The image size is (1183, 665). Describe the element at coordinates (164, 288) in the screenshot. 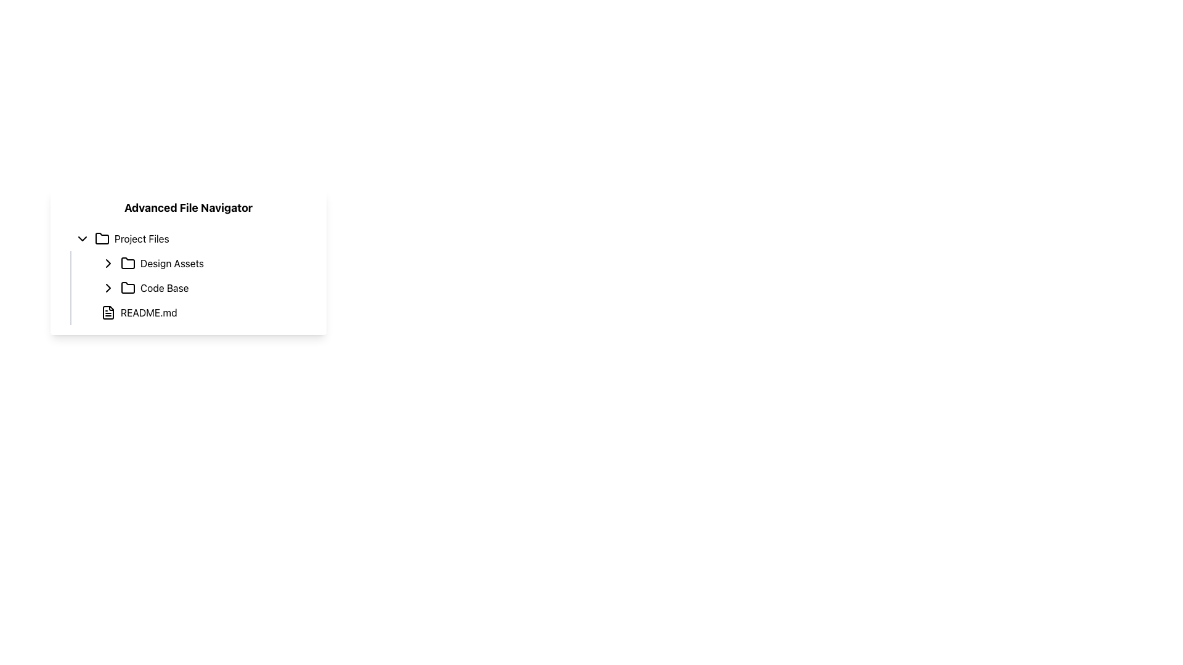

I see `the text label reading 'Code Base' which is aligned to the right of the second folder icon in the file navigation interface` at that location.